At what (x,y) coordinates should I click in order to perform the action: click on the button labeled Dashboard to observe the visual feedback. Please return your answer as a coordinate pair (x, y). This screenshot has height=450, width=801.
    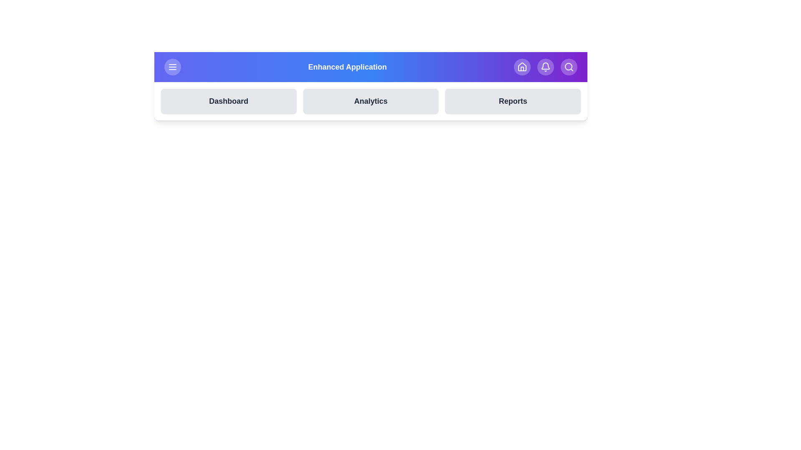
    Looking at the image, I should click on (229, 101).